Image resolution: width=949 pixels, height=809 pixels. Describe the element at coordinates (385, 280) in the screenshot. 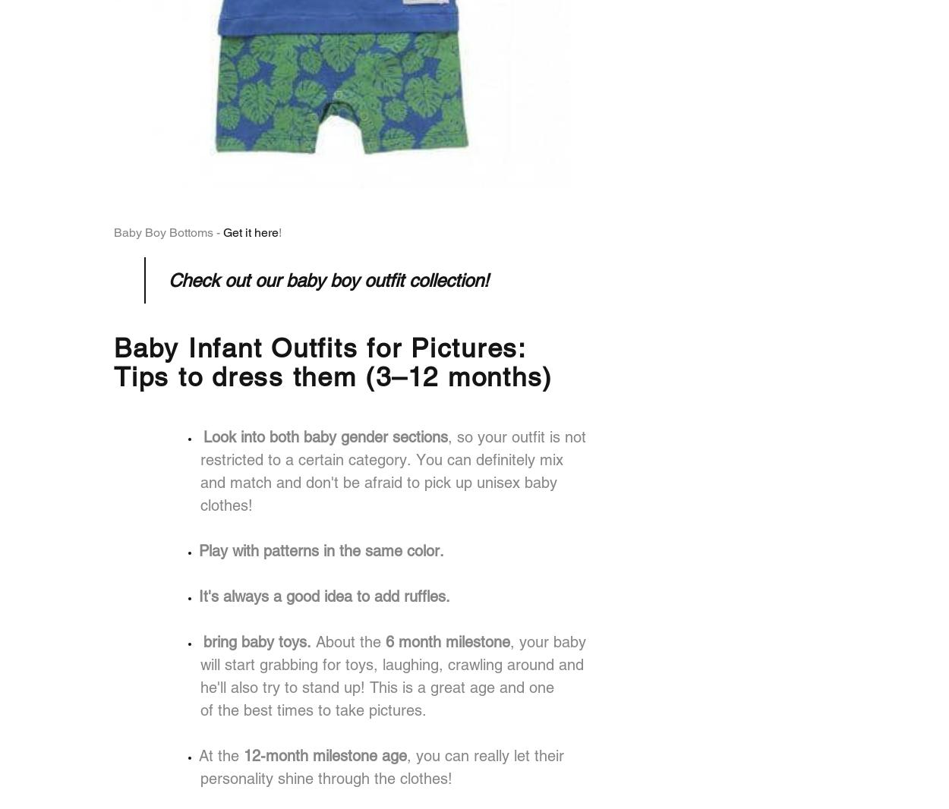

I see `'baby boy outfit collection'` at that location.